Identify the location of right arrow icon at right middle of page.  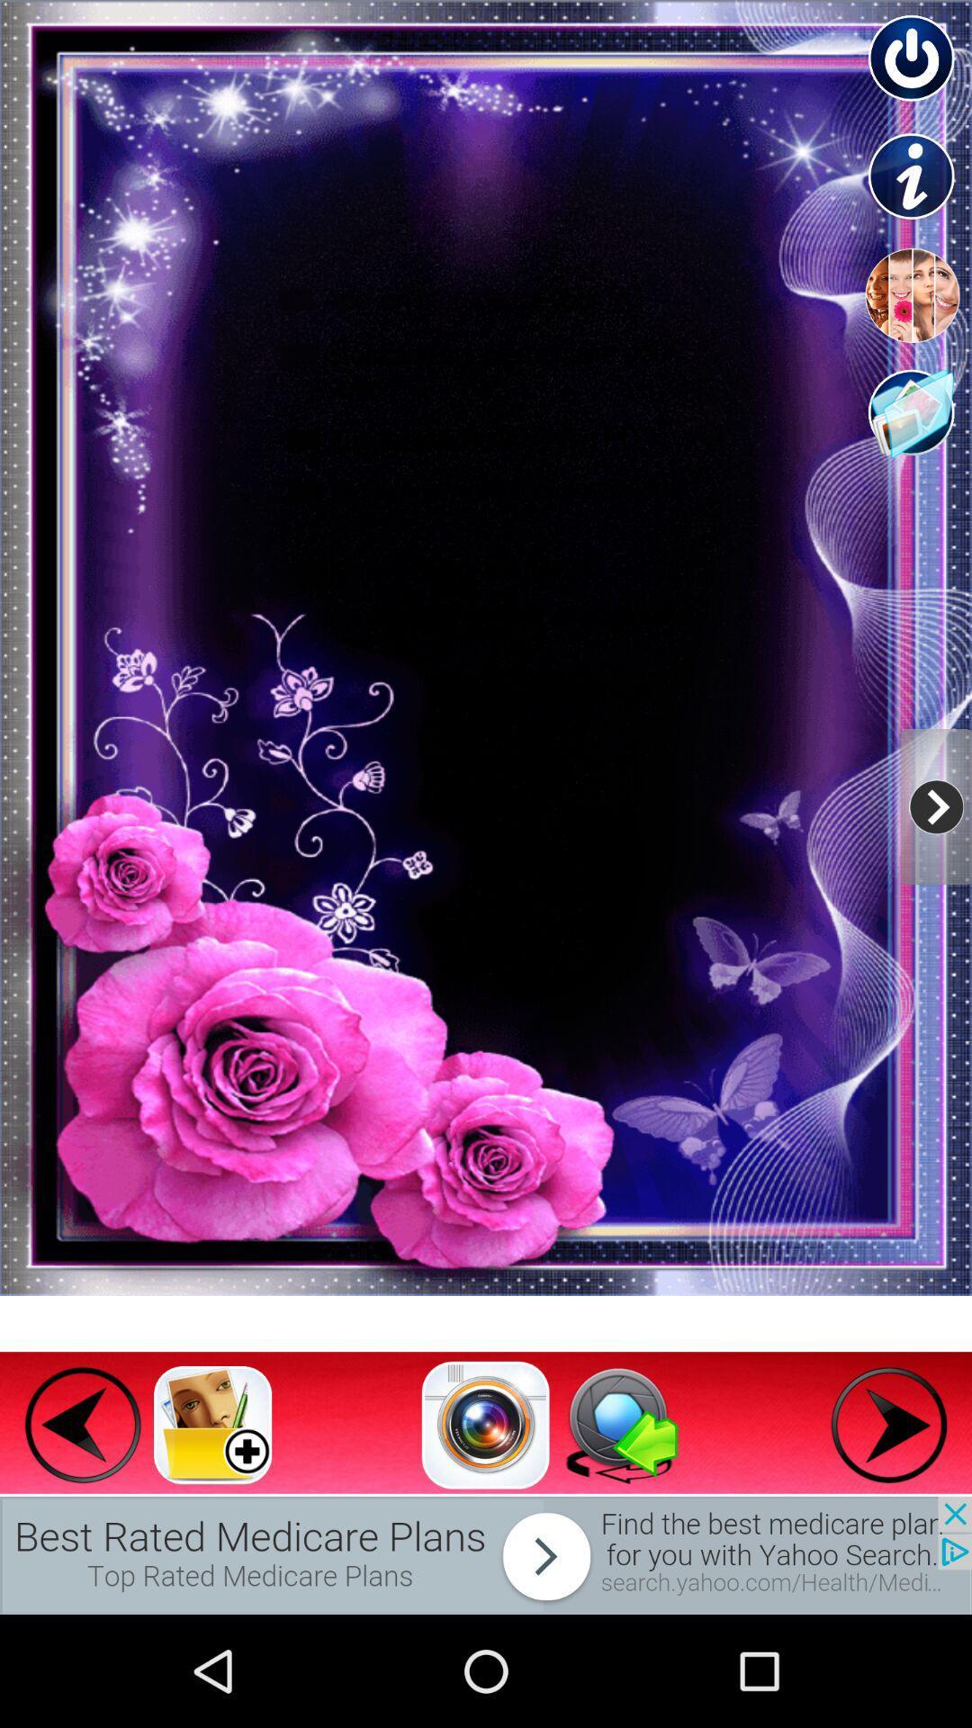
(935, 805).